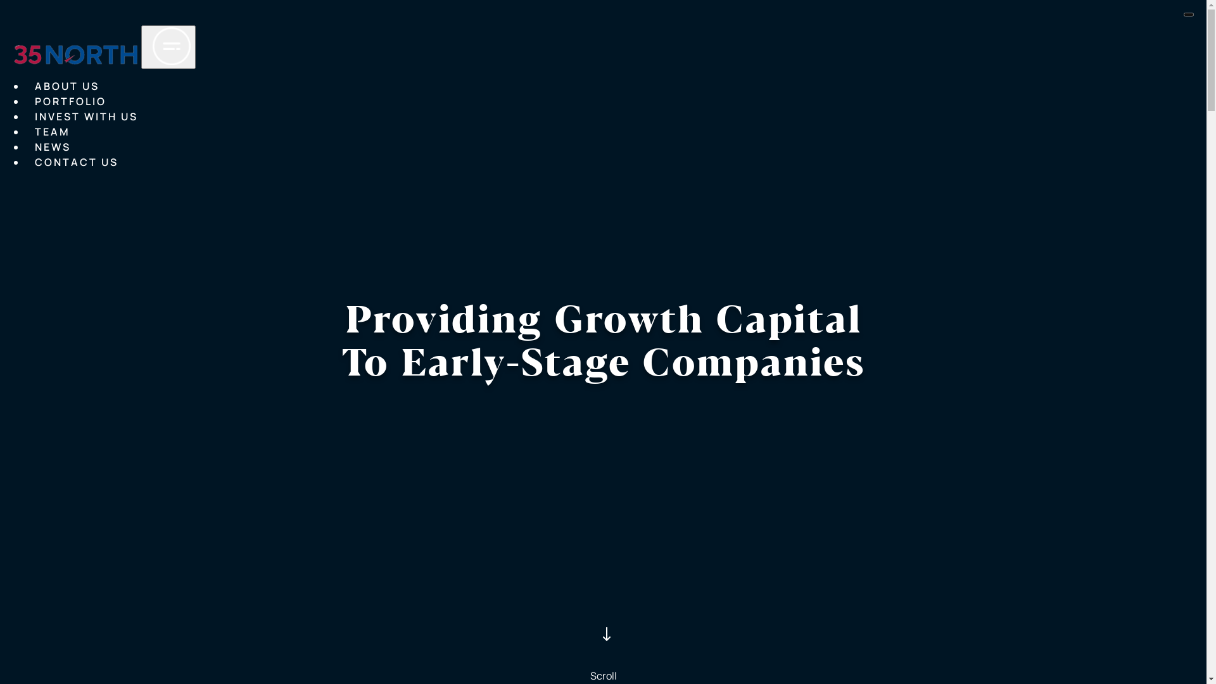 Image resolution: width=1216 pixels, height=684 pixels. Describe the element at coordinates (602, 640) in the screenshot. I see `'Scroll'` at that location.